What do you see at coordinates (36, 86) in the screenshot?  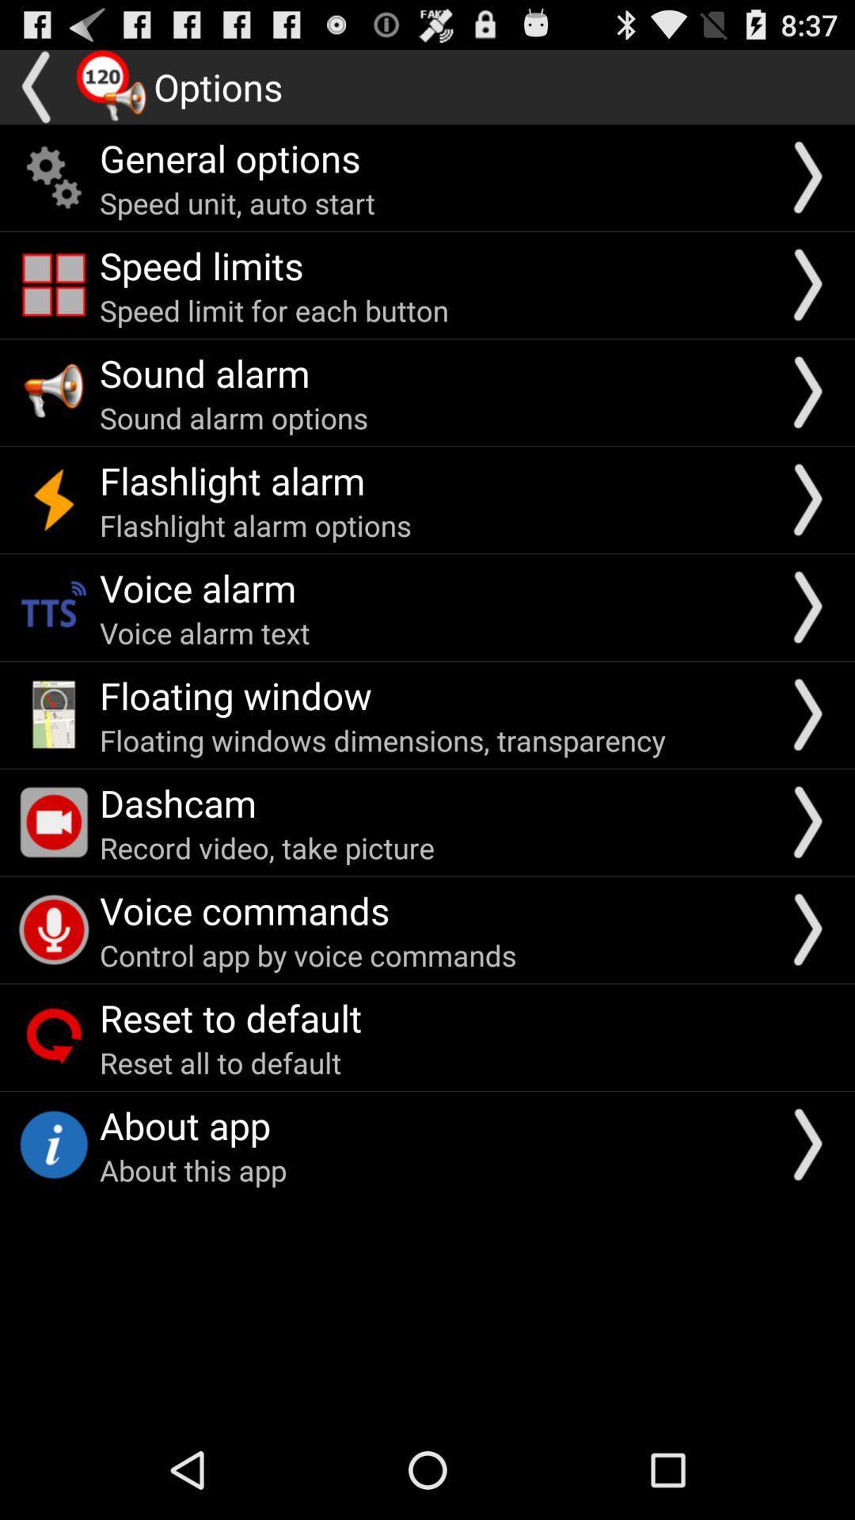 I see `back button` at bounding box center [36, 86].